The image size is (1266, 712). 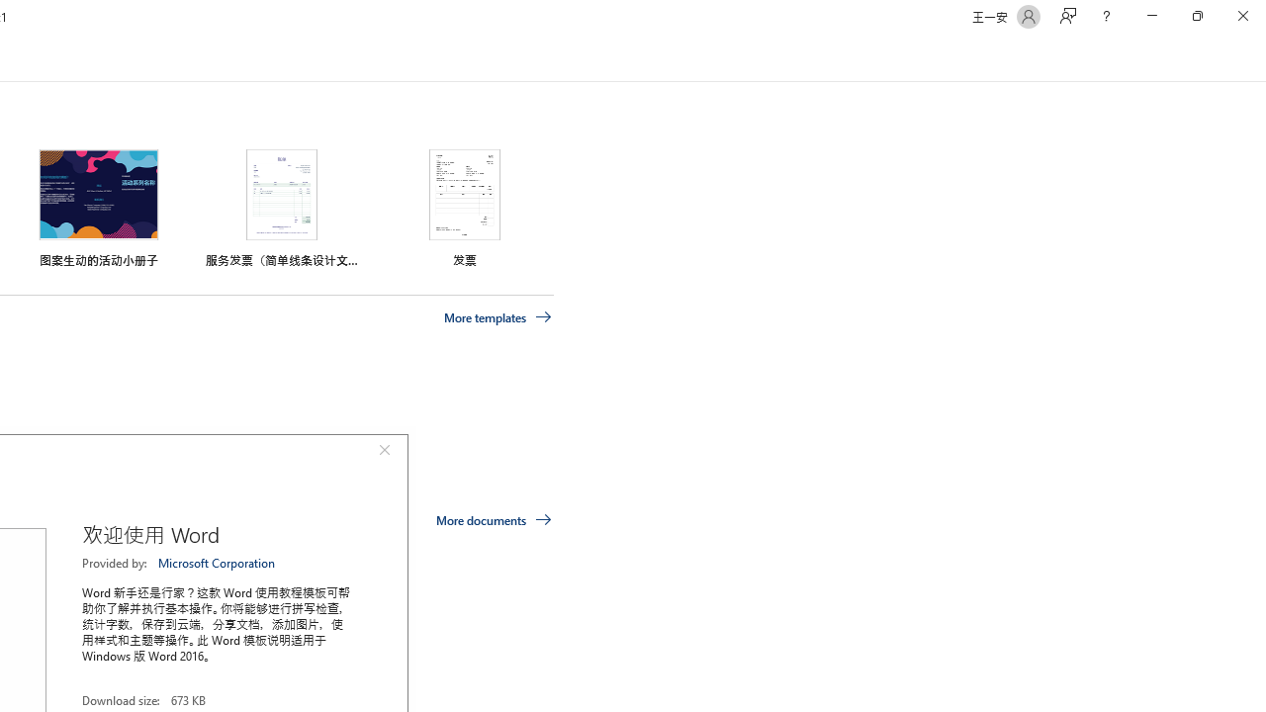 I want to click on 'Microsoft Corporation', so click(x=218, y=563).